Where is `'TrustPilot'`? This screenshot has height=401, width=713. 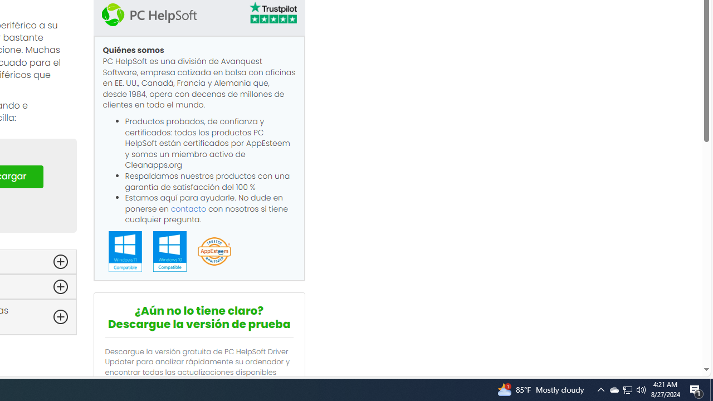 'TrustPilot' is located at coordinates (272, 14).